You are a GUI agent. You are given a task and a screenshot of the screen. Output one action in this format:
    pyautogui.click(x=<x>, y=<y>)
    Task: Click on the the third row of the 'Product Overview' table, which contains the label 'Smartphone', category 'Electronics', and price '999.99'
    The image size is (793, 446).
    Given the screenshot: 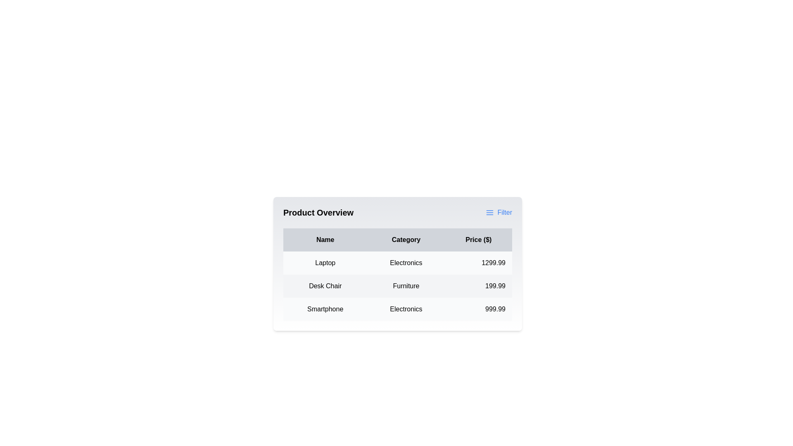 What is the action you would take?
    pyautogui.click(x=398, y=309)
    